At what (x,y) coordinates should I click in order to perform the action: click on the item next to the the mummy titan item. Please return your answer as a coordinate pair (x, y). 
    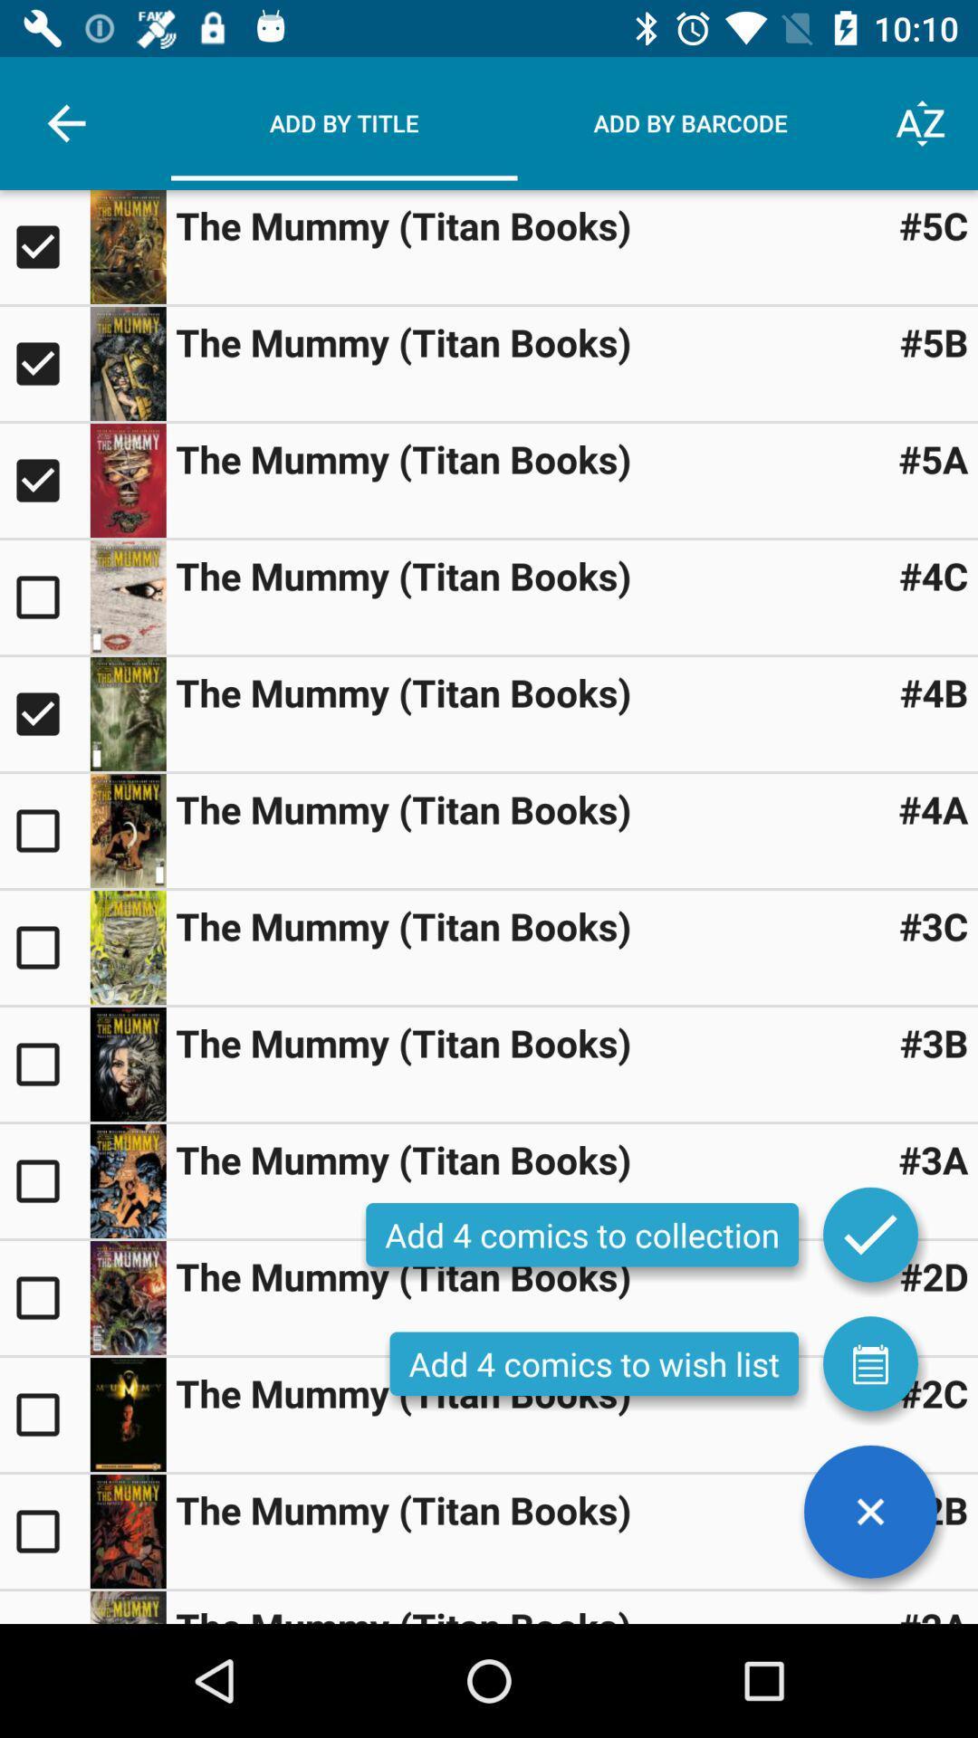
    Looking at the image, I should click on (934, 224).